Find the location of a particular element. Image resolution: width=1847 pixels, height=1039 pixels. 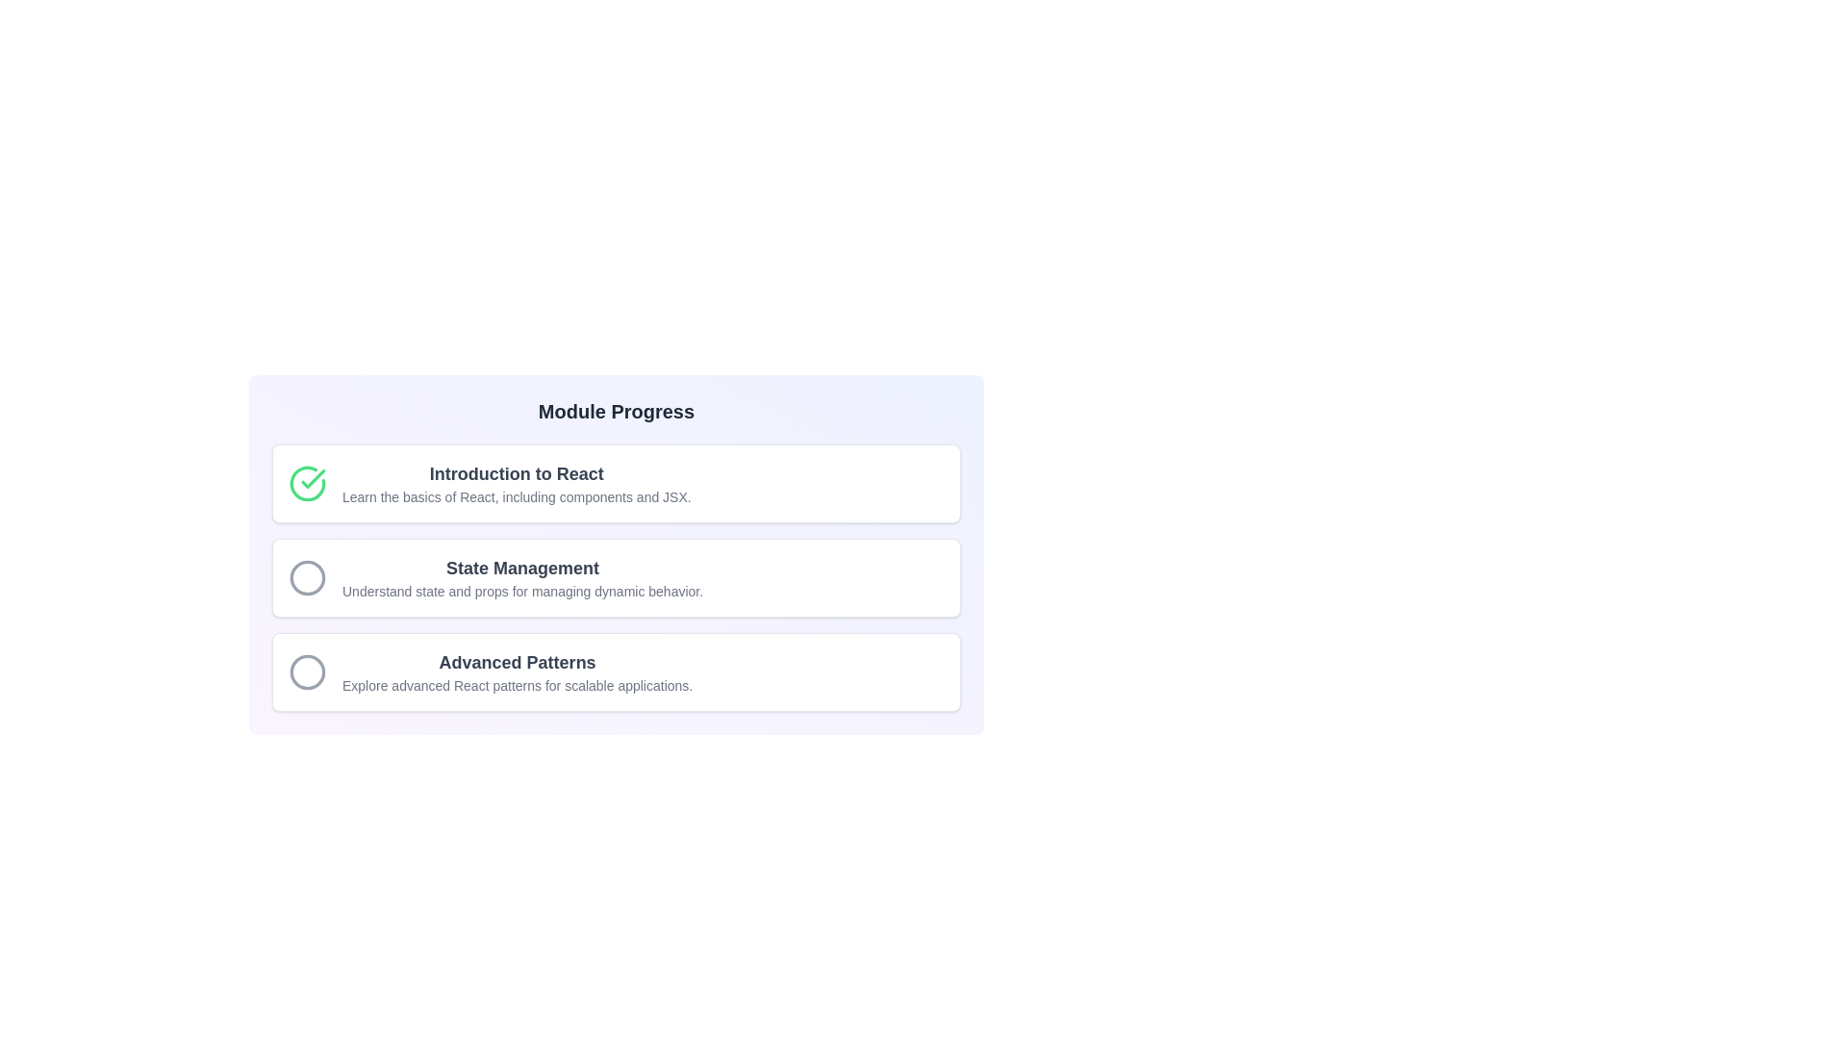

the Circular state icon with a gray border that represents an unchecked status, located to the left of the 'Advanced Patterns' module description is located at coordinates (308, 671).